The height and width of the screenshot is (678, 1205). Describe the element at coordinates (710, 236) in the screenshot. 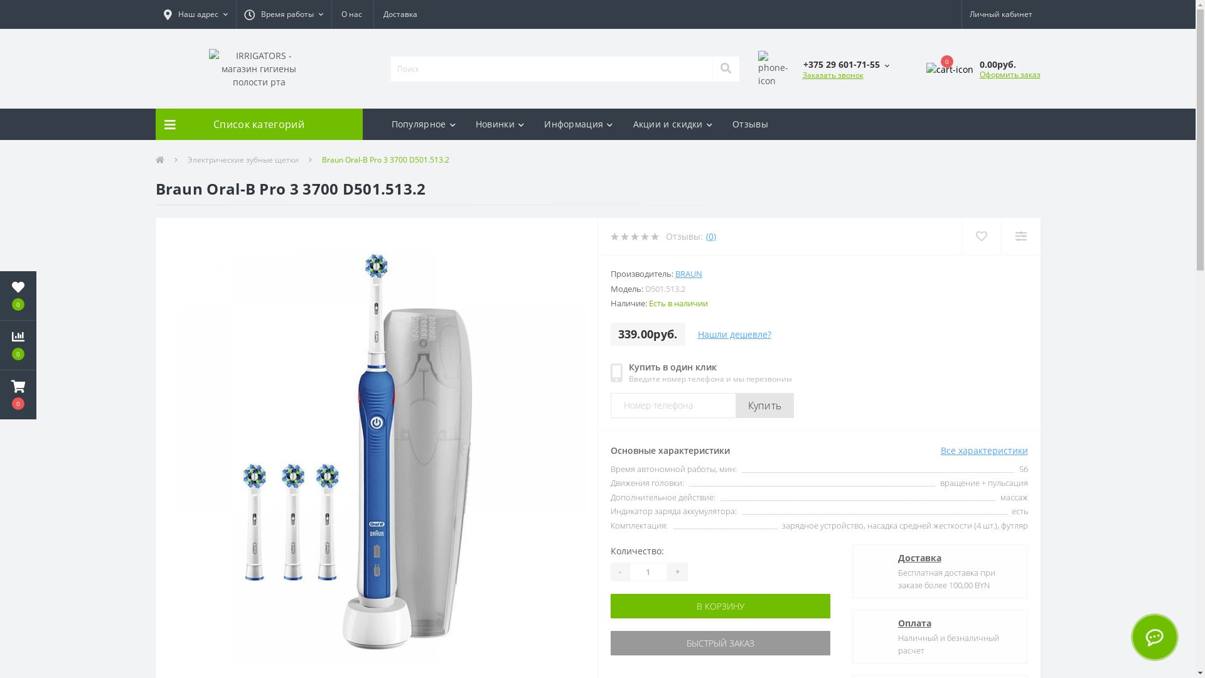

I see `'(0)'` at that location.